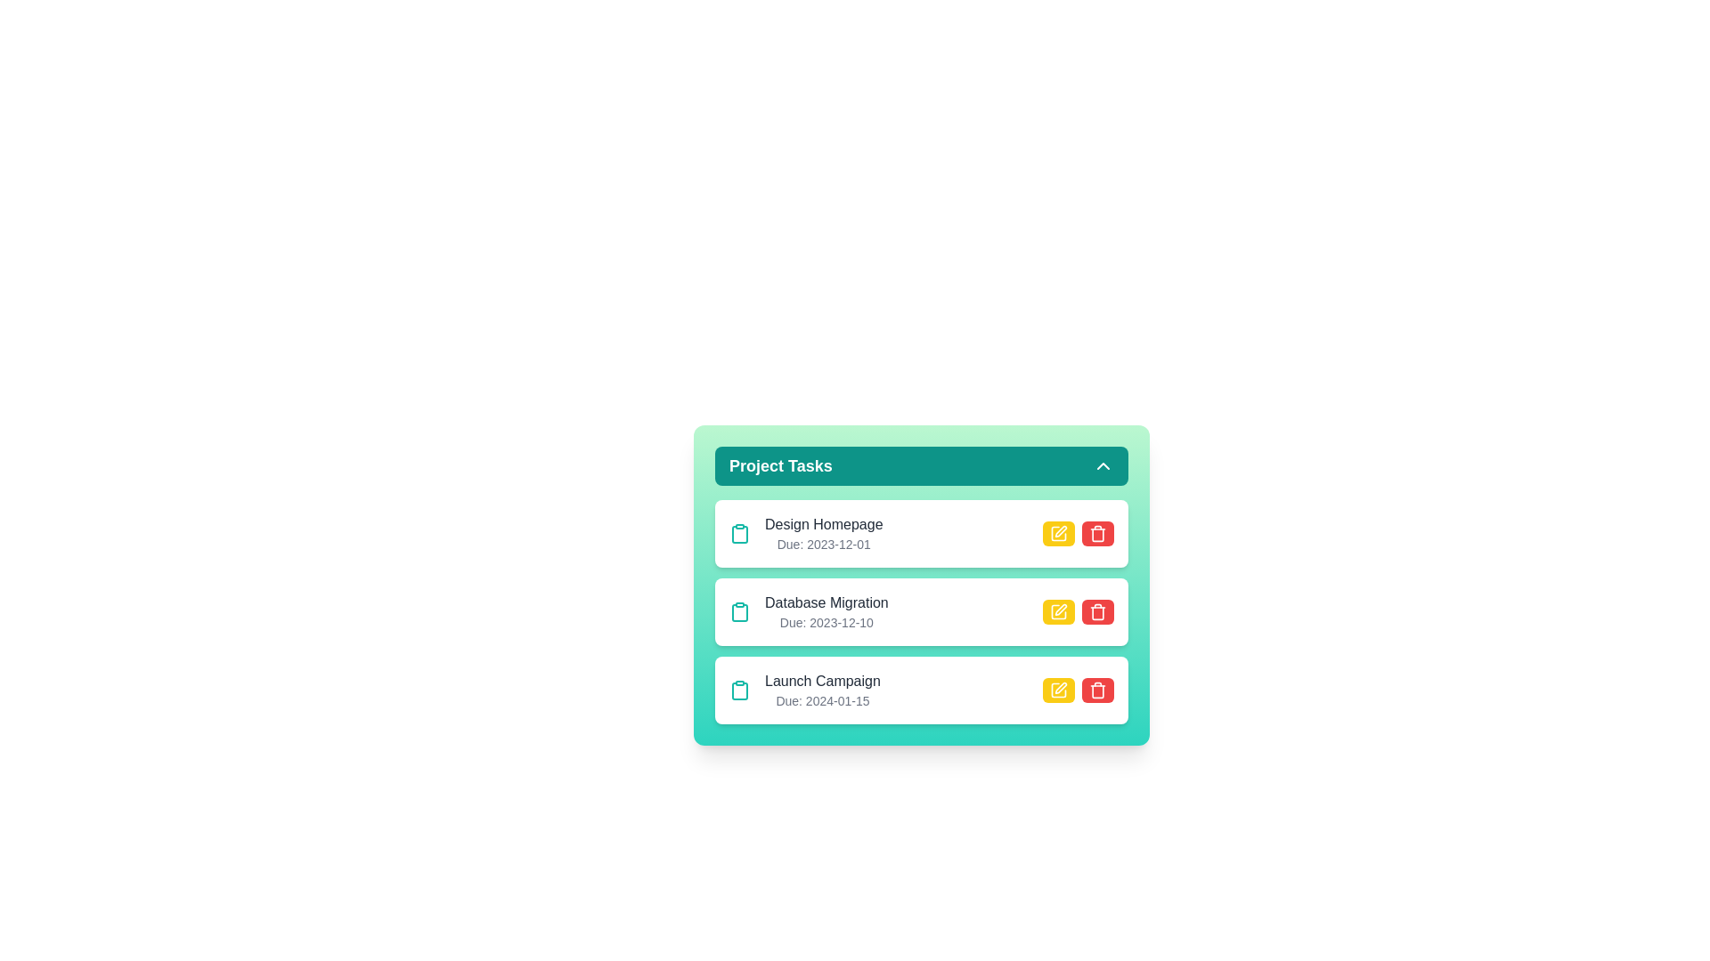 This screenshot has width=1710, height=961. Describe the element at coordinates (1059, 689) in the screenshot. I see `the edit button for the task titled 'Launch Campaign'` at that location.